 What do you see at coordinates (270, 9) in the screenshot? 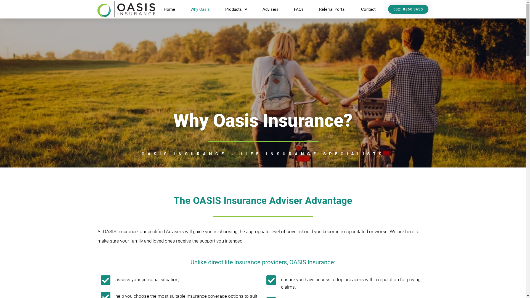
I see `'Advisers'` at bounding box center [270, 9].